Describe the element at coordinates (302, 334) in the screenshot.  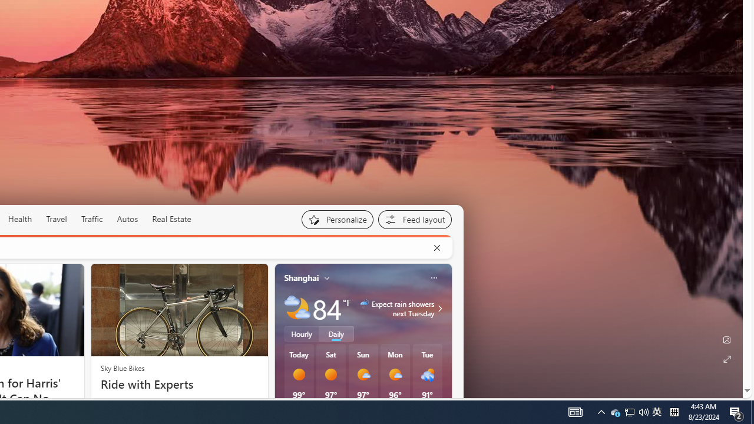
I see `'Hourly'` at that location.